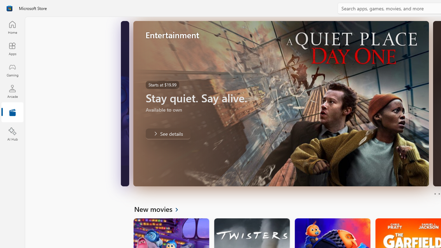 This screenshot has width=441, height=248. What do you see at coordinates (281, 103) in the screenshot?
I see `'AutomationID: Image'` at bounding box center [281, 103].